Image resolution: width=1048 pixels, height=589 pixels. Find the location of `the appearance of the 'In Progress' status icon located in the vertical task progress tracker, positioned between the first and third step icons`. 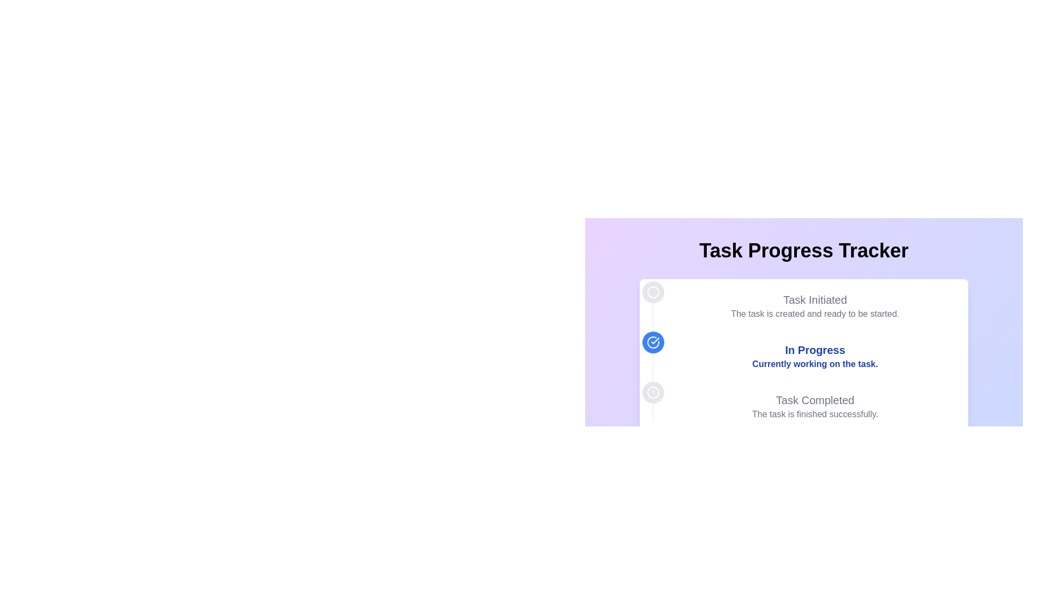

the appearance of the 'In Progress' status icon located in the vertical task progress tracker, positioned between the first and third step icons is located at coordinates (653, 342).